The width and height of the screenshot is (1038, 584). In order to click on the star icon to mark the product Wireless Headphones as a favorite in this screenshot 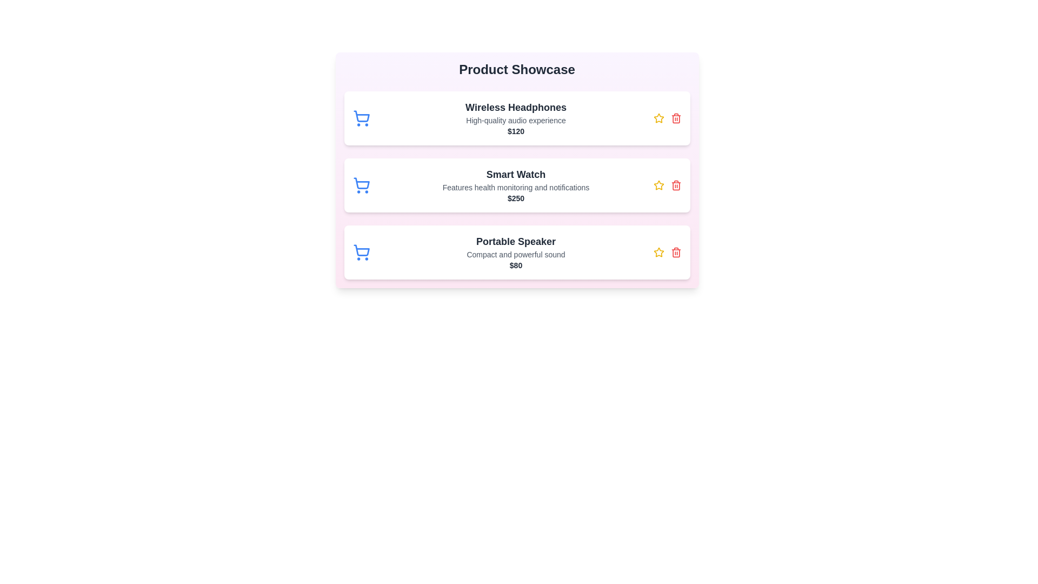, I will do `click(658, 118)`.